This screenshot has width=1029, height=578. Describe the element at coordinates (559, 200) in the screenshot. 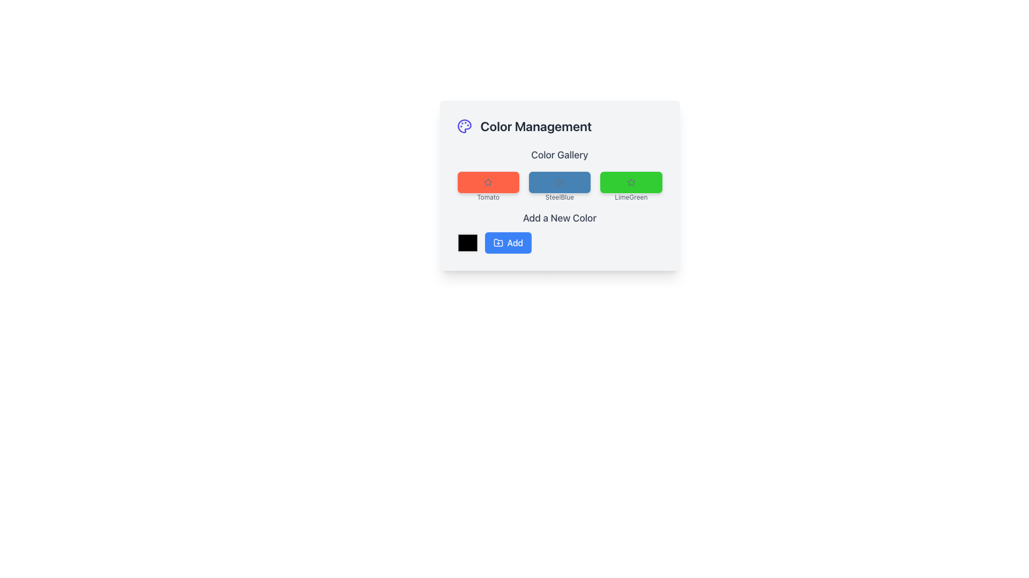

I see `the Color Selection Tile labeled 'SteelBlue' which is a rounded rectangle with a blue fill and a star icon above the text` at that location.